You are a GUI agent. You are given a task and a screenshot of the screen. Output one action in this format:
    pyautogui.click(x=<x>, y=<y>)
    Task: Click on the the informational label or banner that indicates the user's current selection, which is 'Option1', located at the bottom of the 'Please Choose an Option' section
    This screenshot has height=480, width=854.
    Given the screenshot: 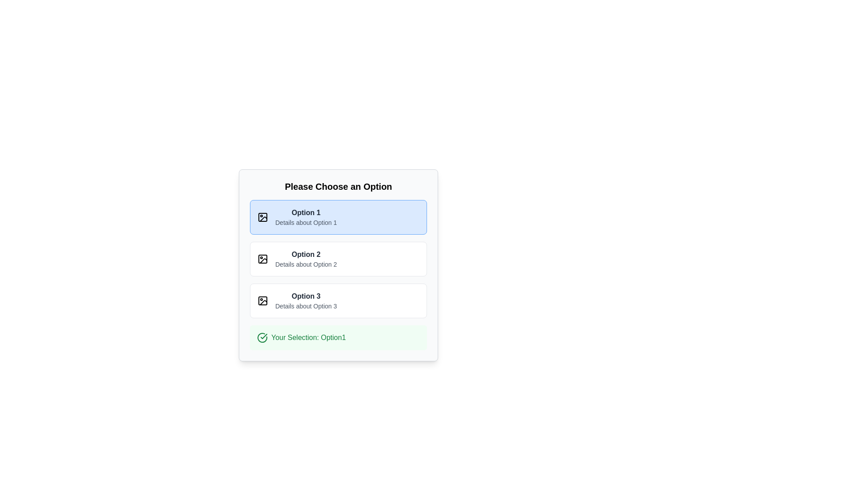 What is the action you would take?
    pyautogui.click(x=338, y=337)
    